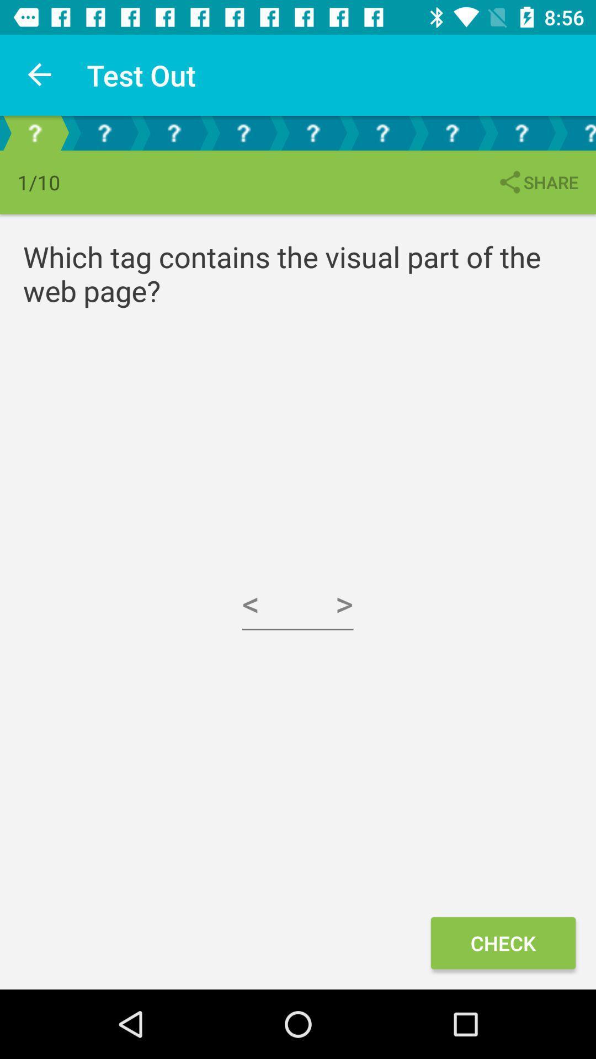 Image resolution: width=596 pixels, height=1059 pixels. I want to click on second question icon, so click(104, 132).